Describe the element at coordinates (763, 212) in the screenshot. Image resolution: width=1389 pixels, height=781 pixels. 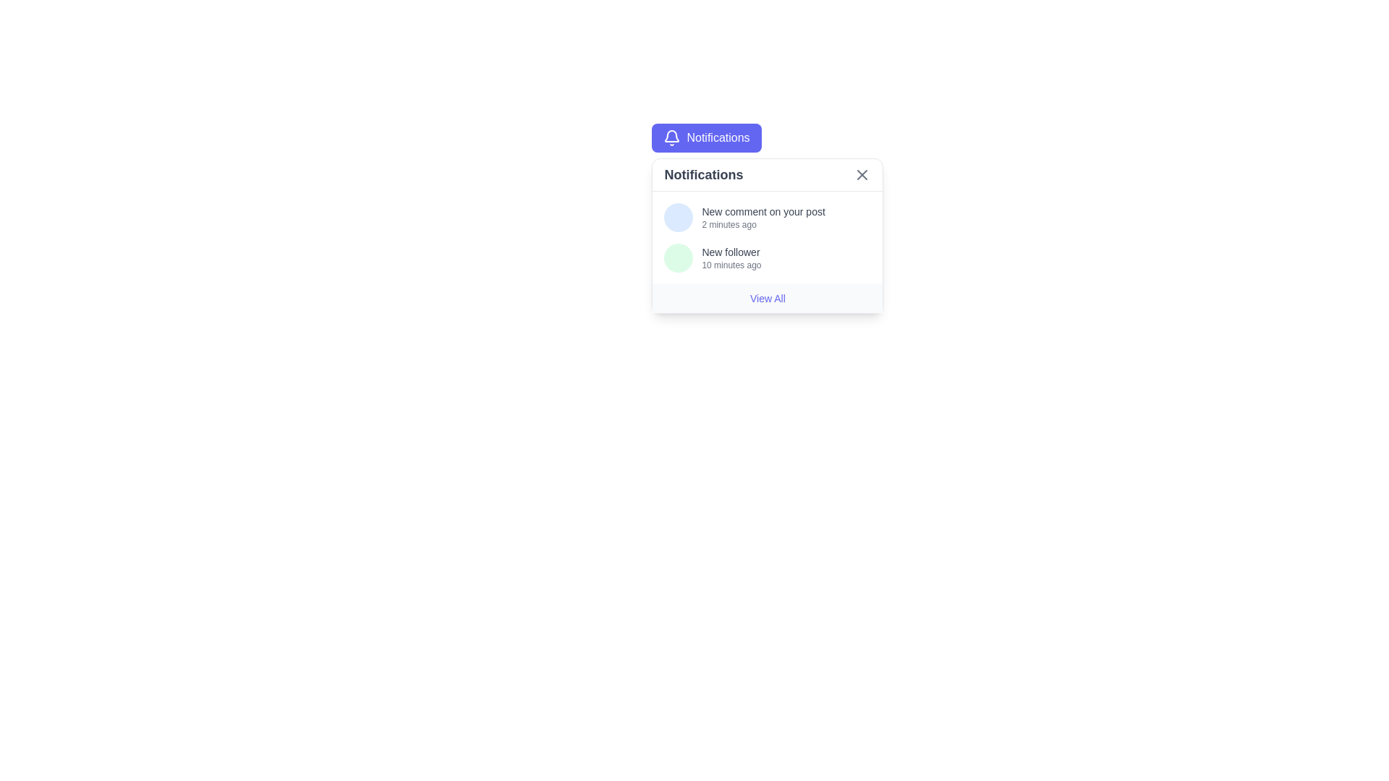
I see `the static text that indicates a new comment notification, located at the top-left corner of the notification card, above the timestamp '2 minutes ago'` at that location.